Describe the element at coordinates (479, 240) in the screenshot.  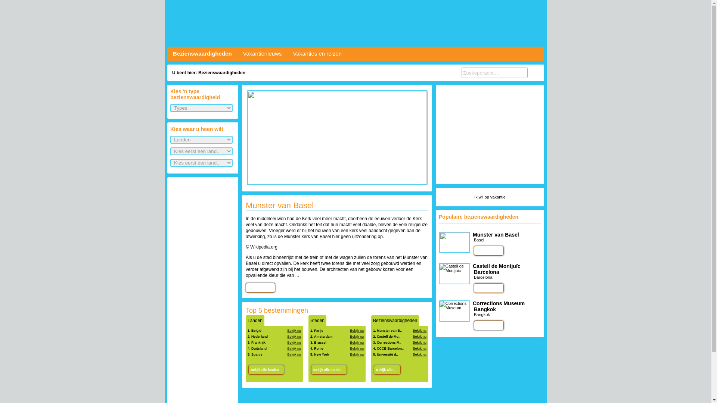
I see `'Basel'` at that location.